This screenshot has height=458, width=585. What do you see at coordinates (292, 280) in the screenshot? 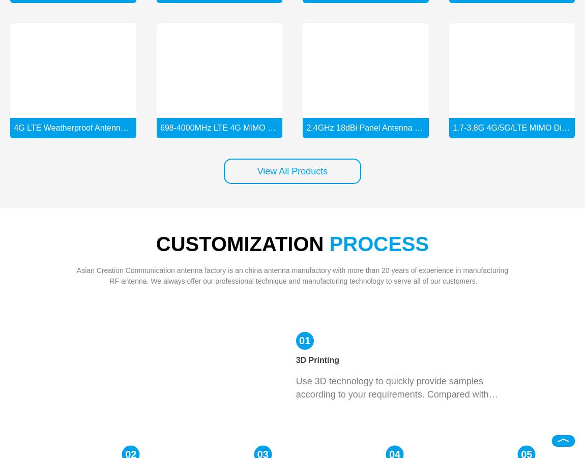
I see `'RF antenna. We always offer our professional technique and manufacturing technology to serve all of our customers.'` at bounding box center [292, 280].